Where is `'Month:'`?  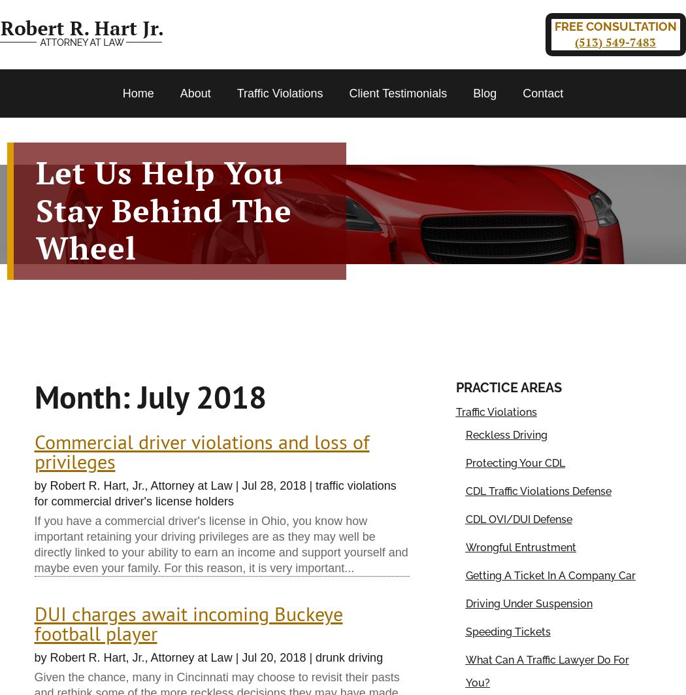 'Month:' is located at coordinates (85, 396).